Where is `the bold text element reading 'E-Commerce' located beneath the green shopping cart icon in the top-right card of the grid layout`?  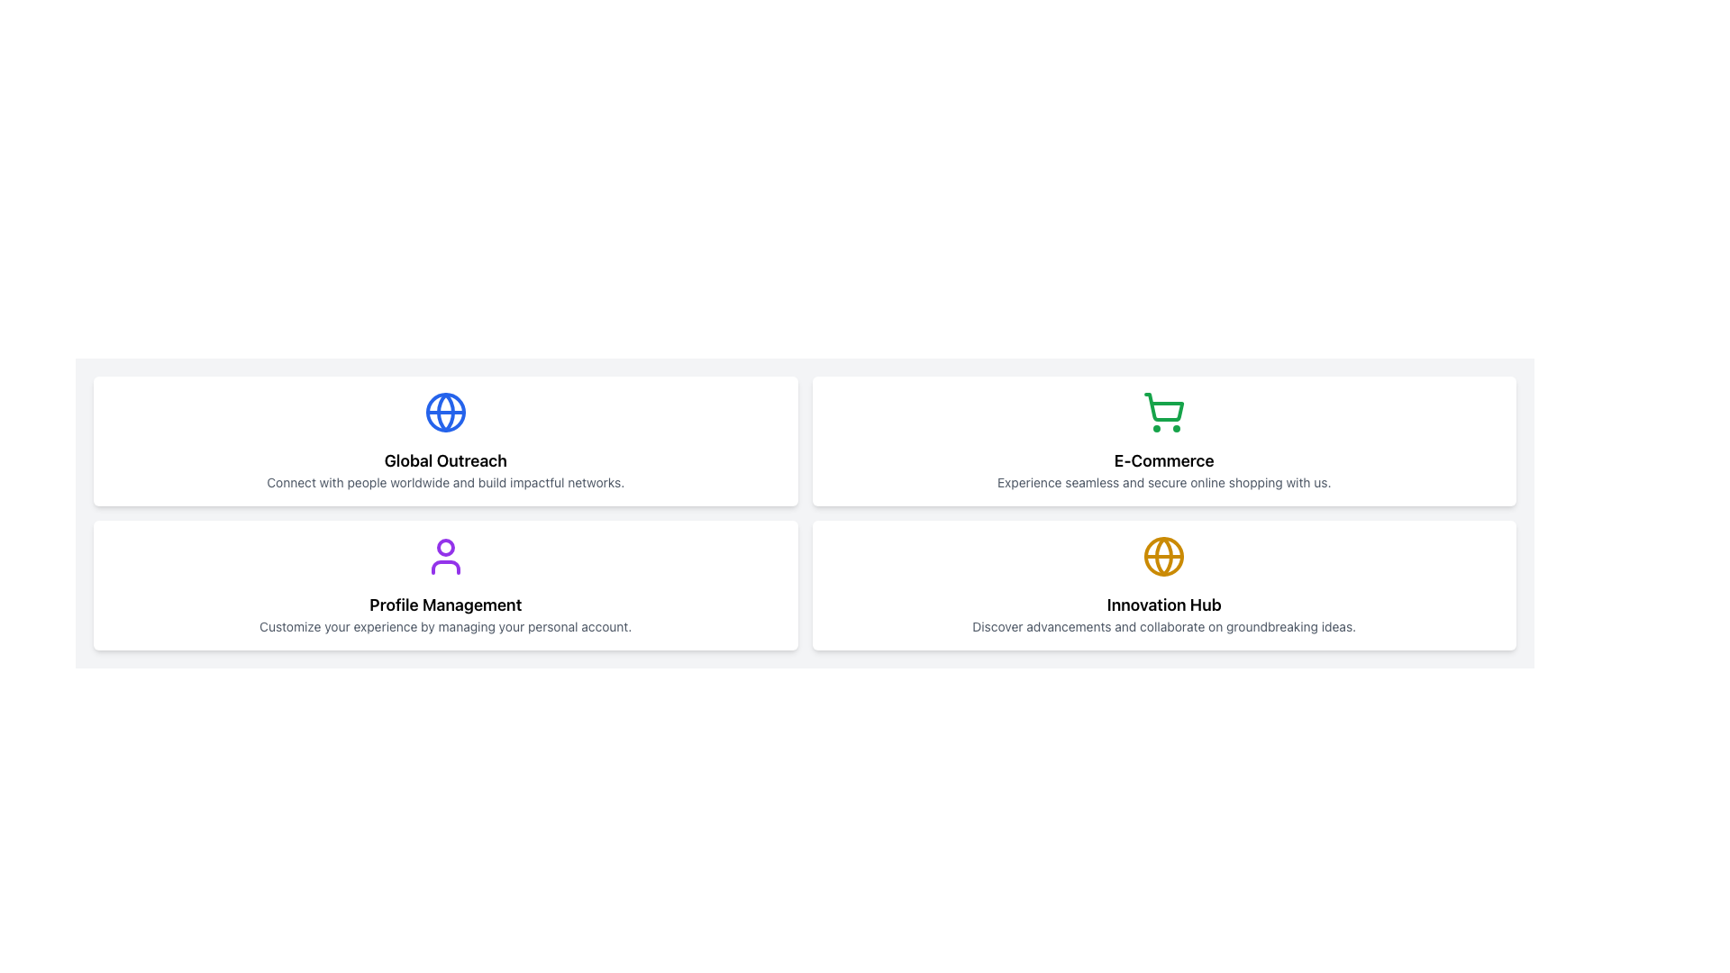 the bold text element reading 'E-Commerce' located beneath the green shopping cart icon in the top-right card of the grid layout is located at coordinates (1164, 460).